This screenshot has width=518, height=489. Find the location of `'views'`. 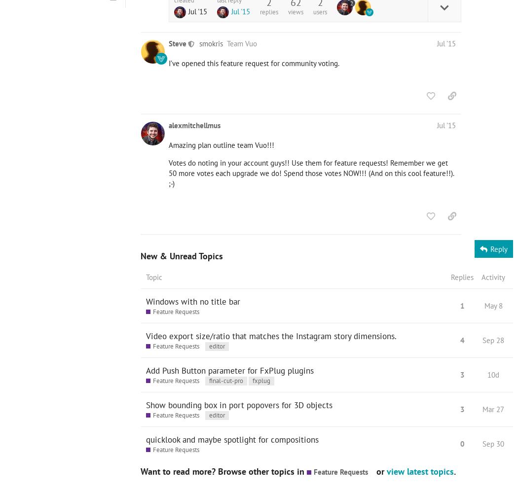

'views' is located at coordinates (295, 11).